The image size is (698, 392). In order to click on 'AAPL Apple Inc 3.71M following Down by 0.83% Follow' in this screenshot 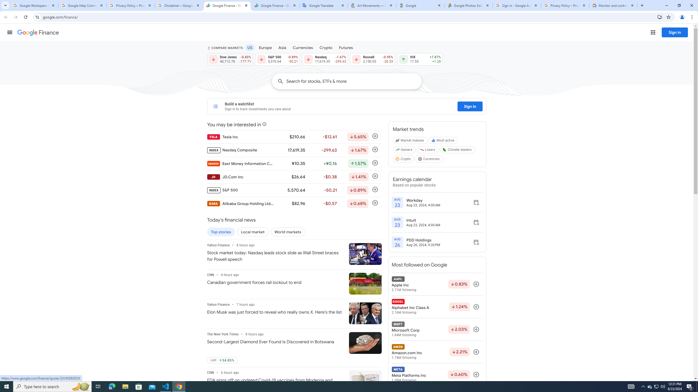, I will do `click(437, 284)`.